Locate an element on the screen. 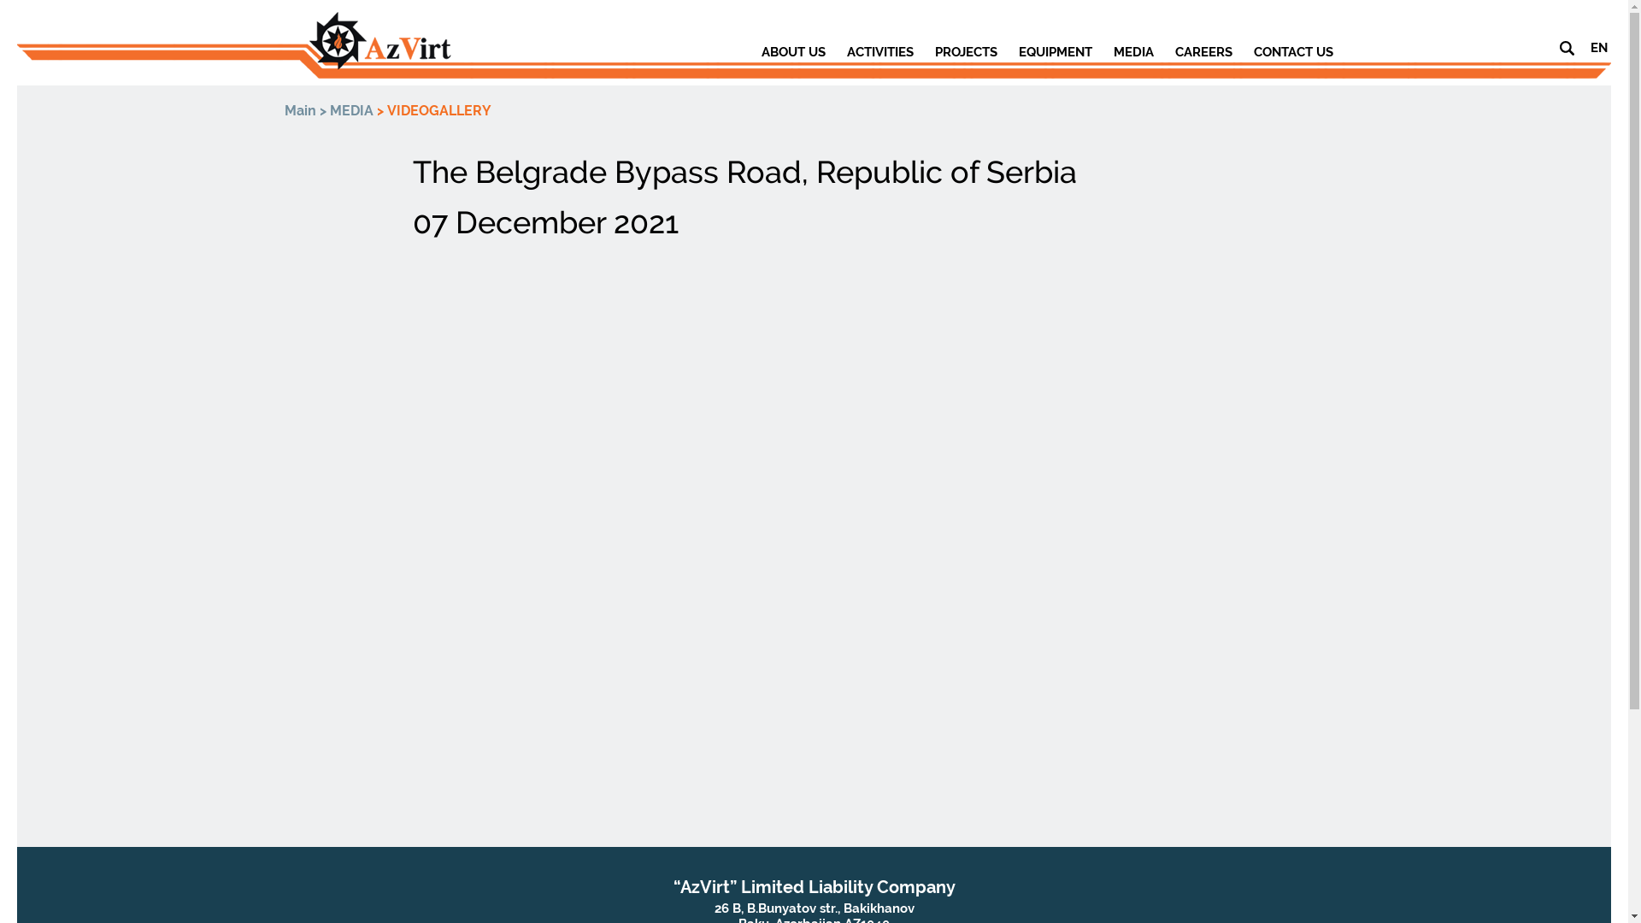  'MEDIA' is located at coordinates (350, 110).